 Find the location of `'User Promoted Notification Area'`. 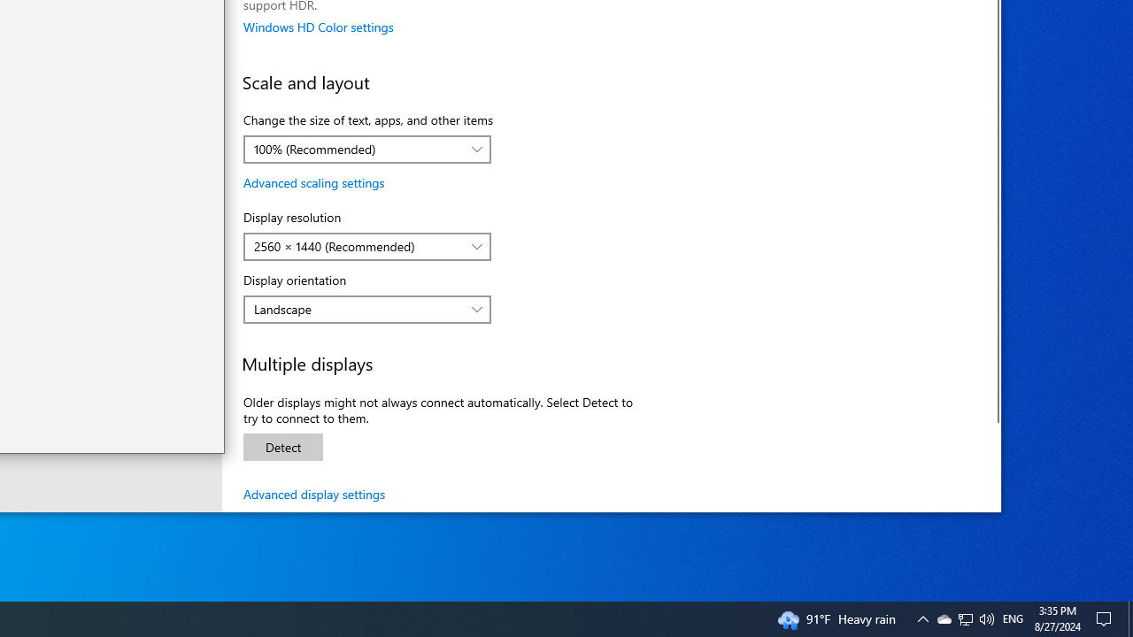

'User Promoted Notification Area' is located at coordinates (964, 618).